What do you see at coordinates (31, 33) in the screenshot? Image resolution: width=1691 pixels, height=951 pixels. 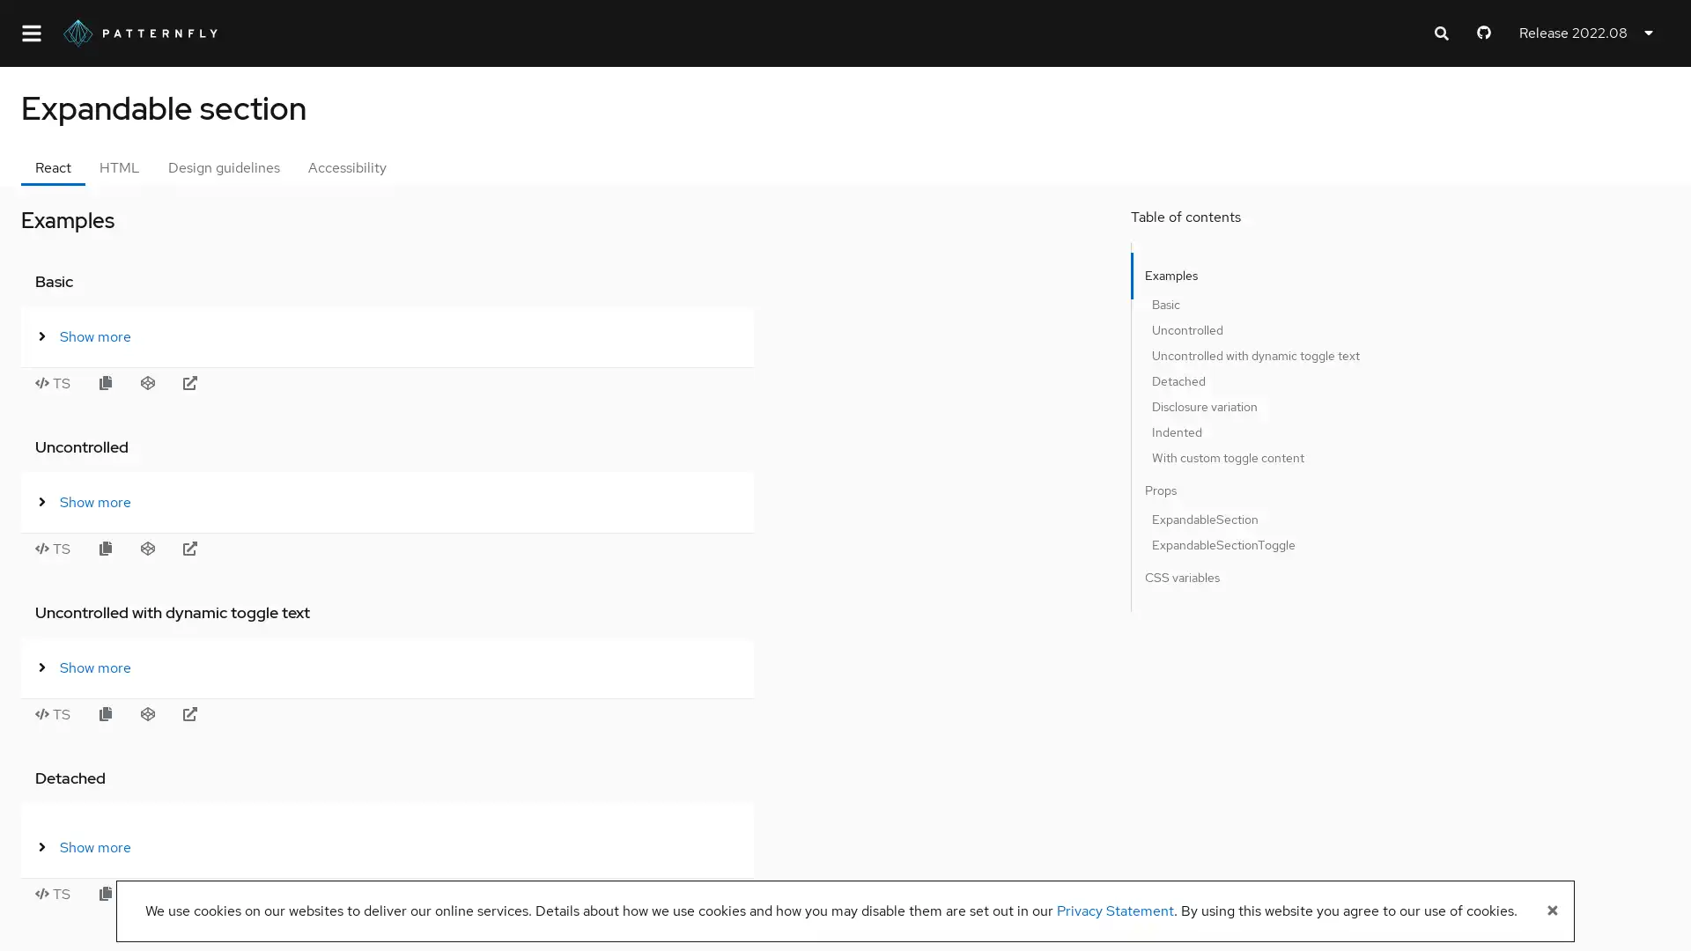 I see `Global navigation` at bounding box center [31, 33].